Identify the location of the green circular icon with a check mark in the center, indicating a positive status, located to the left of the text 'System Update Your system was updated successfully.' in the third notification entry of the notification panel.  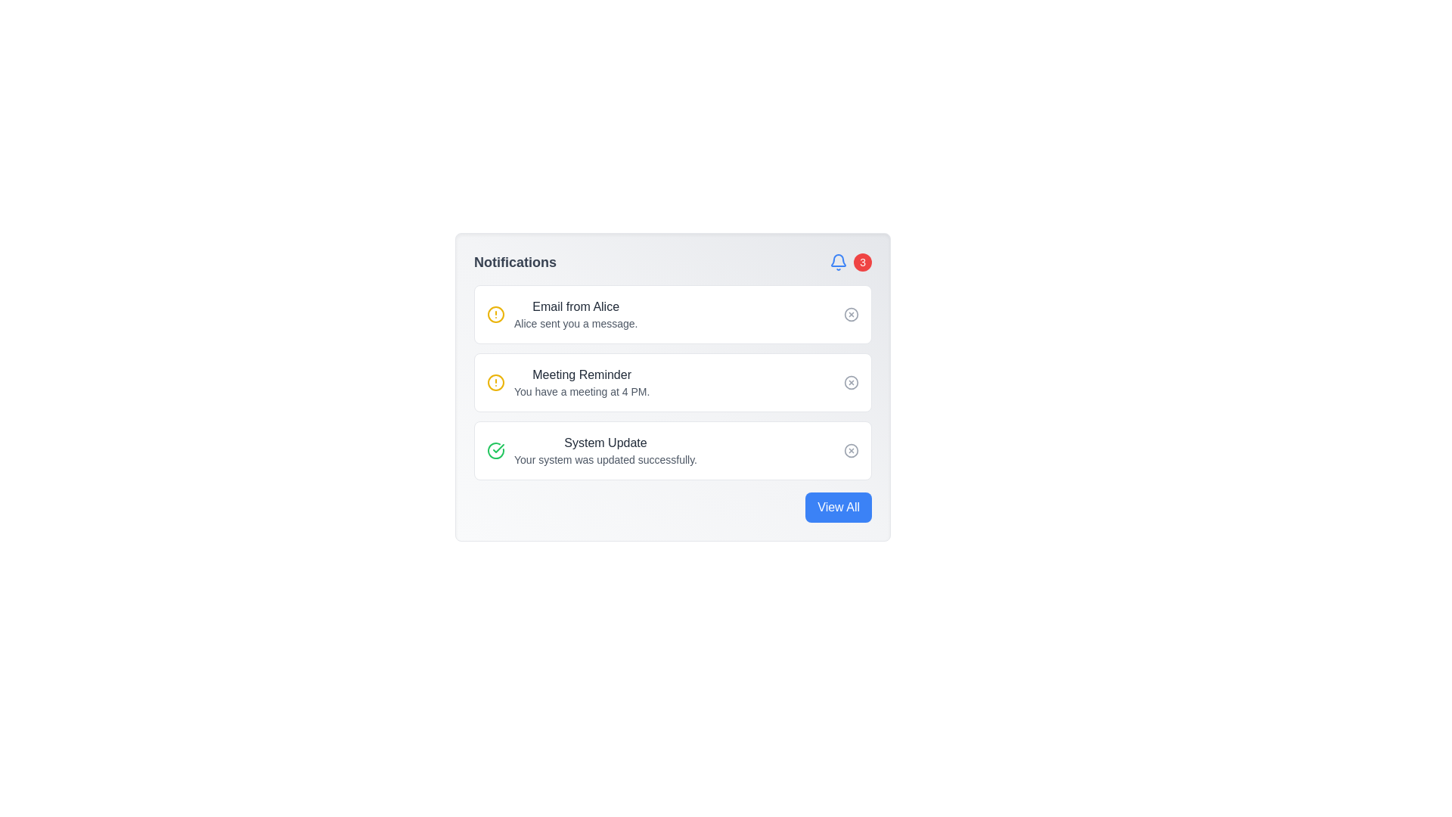
(496, 450).